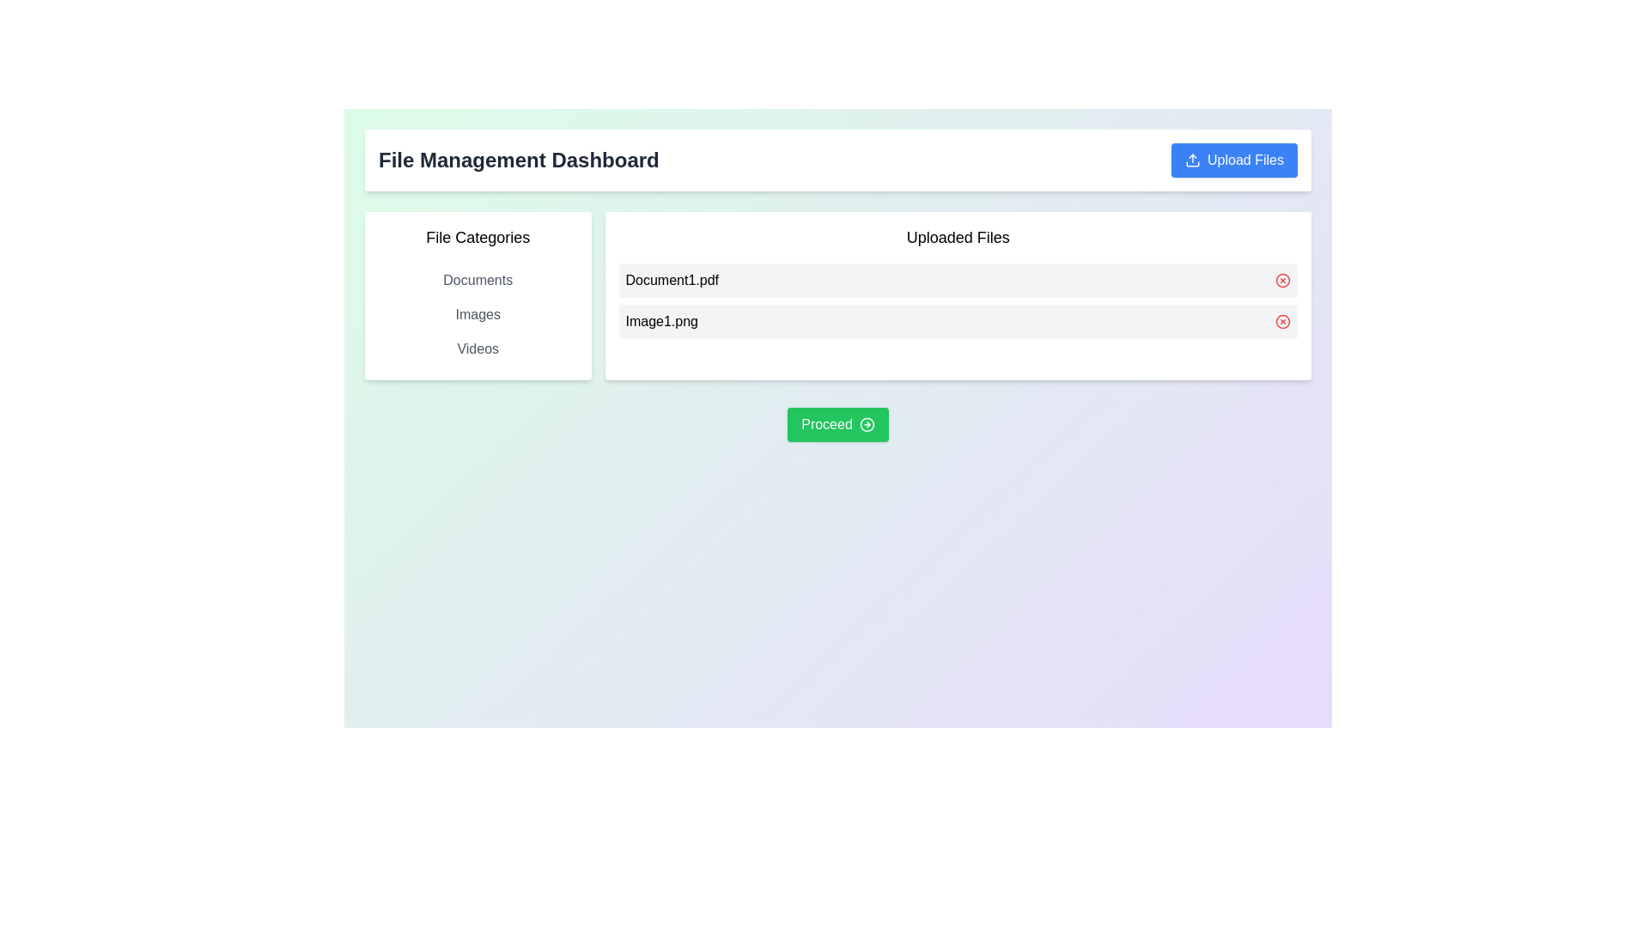 This screenshot has height=927, width=1649. Describe the element at coordinates (1282, 321) in the screenshot. I see `the delete button located at the right end of the list item labelled 'Image1.png' in the 'Uploaded Files' section` at that location.